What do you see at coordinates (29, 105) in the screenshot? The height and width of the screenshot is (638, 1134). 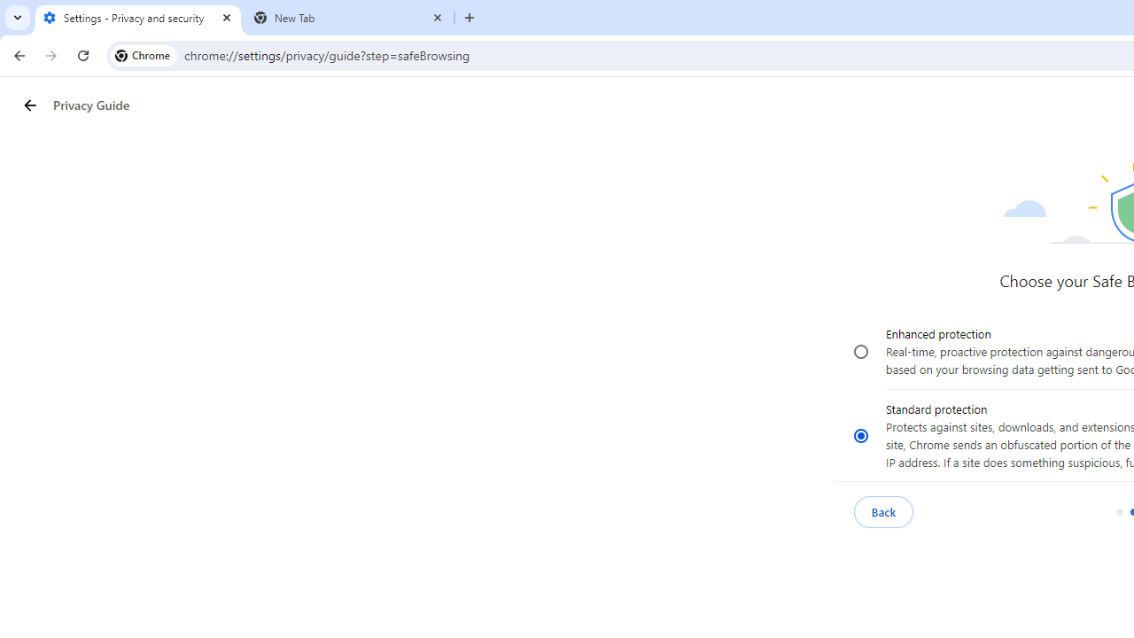 I see `'Privacy Guide back button'` at bounding box center [29, 105].